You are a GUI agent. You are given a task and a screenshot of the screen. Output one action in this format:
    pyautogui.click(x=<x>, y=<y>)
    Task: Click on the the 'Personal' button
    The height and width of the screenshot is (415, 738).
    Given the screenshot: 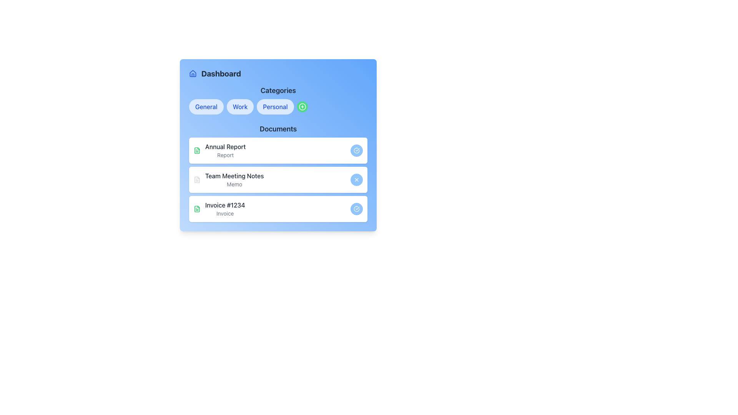 What is the action you would take?
    pyautogui.click(x=278, y=106)
    